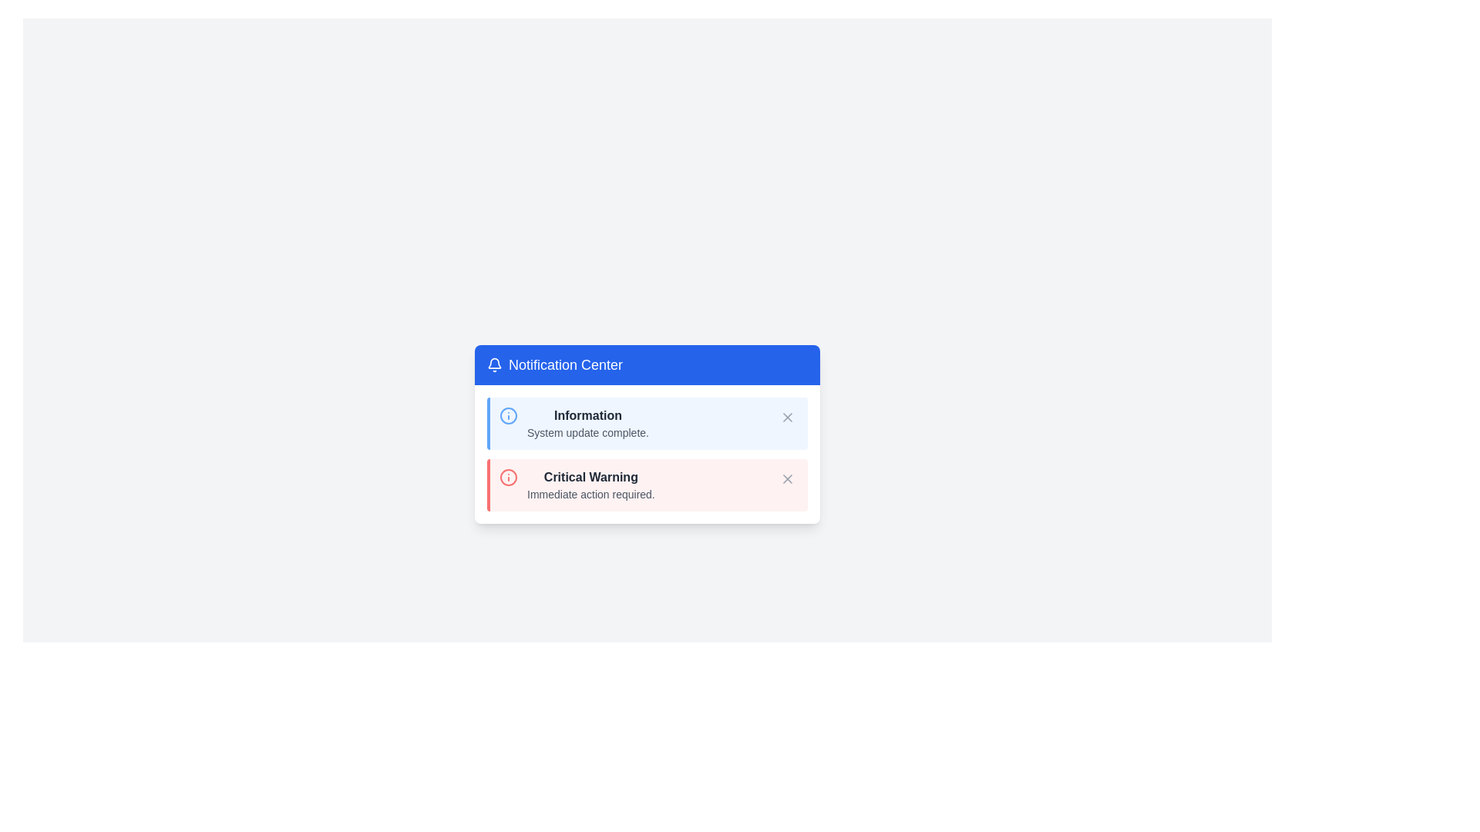  What do you see at coordinates (509, 416) in the screenshot?
I see `the informational icon located at the top left of the 'Information' notification entry in the notification center panel, adjacent to the text 'Information'` at bounding box center [509, 416].